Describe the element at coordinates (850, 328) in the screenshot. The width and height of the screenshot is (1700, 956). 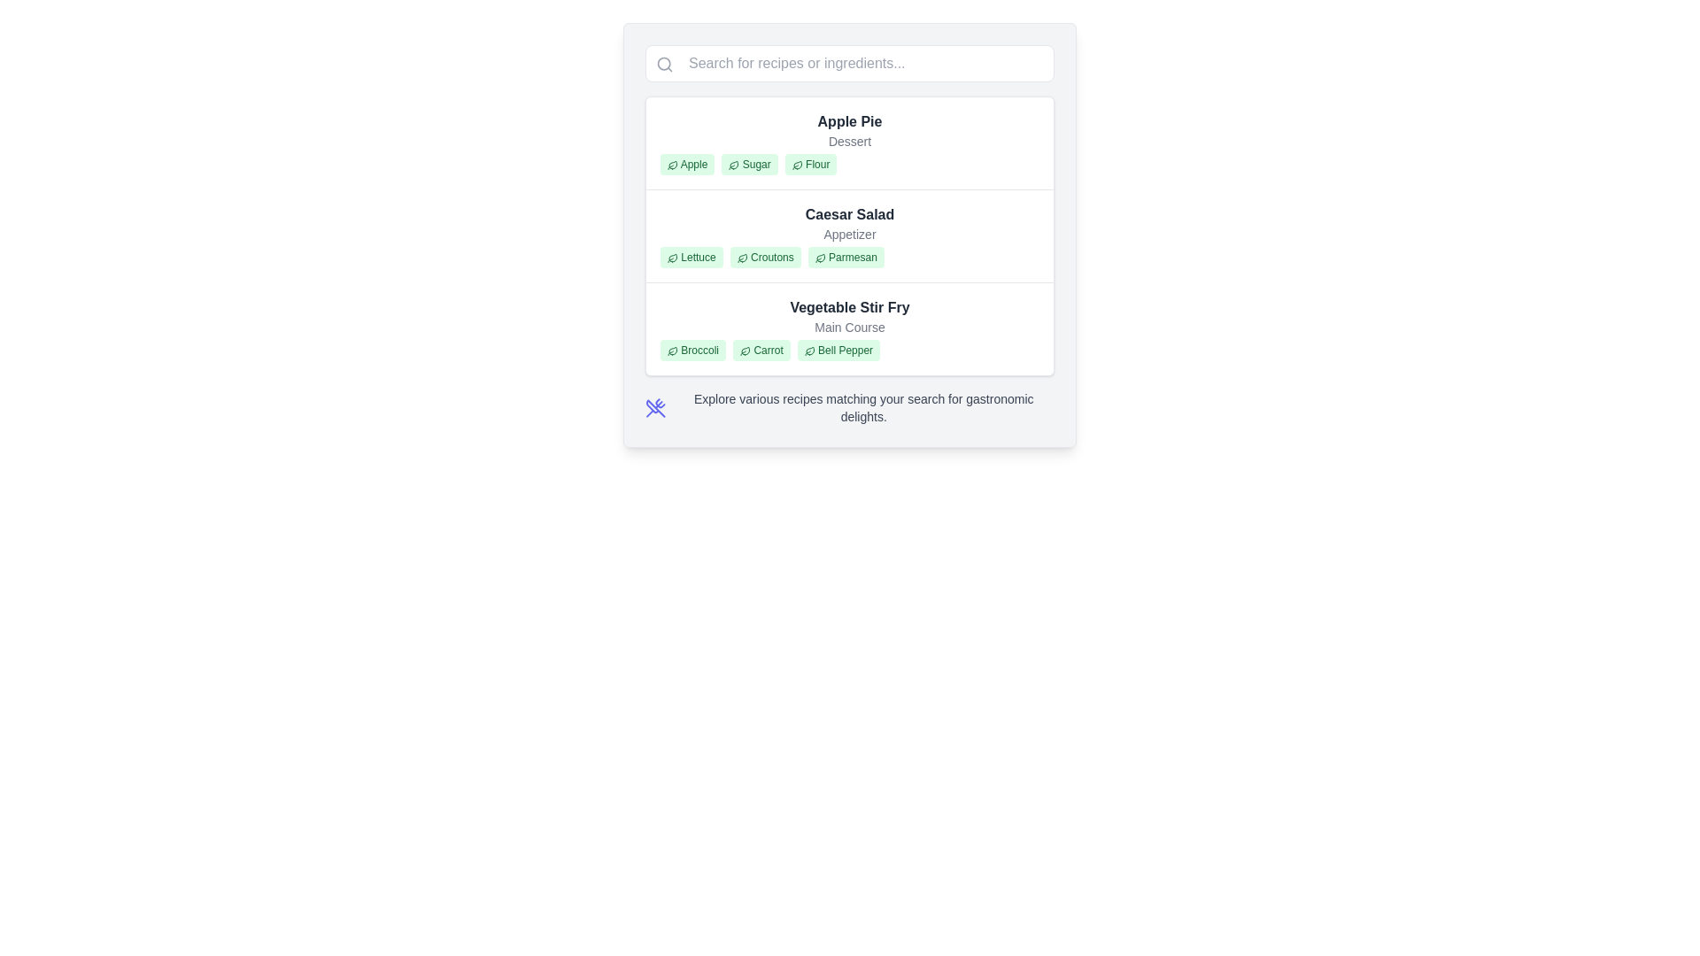
I see `the 'Main Course' label, which is styled in gray and located beneath the 'Vegetable Stir Fry' heading` at that location.